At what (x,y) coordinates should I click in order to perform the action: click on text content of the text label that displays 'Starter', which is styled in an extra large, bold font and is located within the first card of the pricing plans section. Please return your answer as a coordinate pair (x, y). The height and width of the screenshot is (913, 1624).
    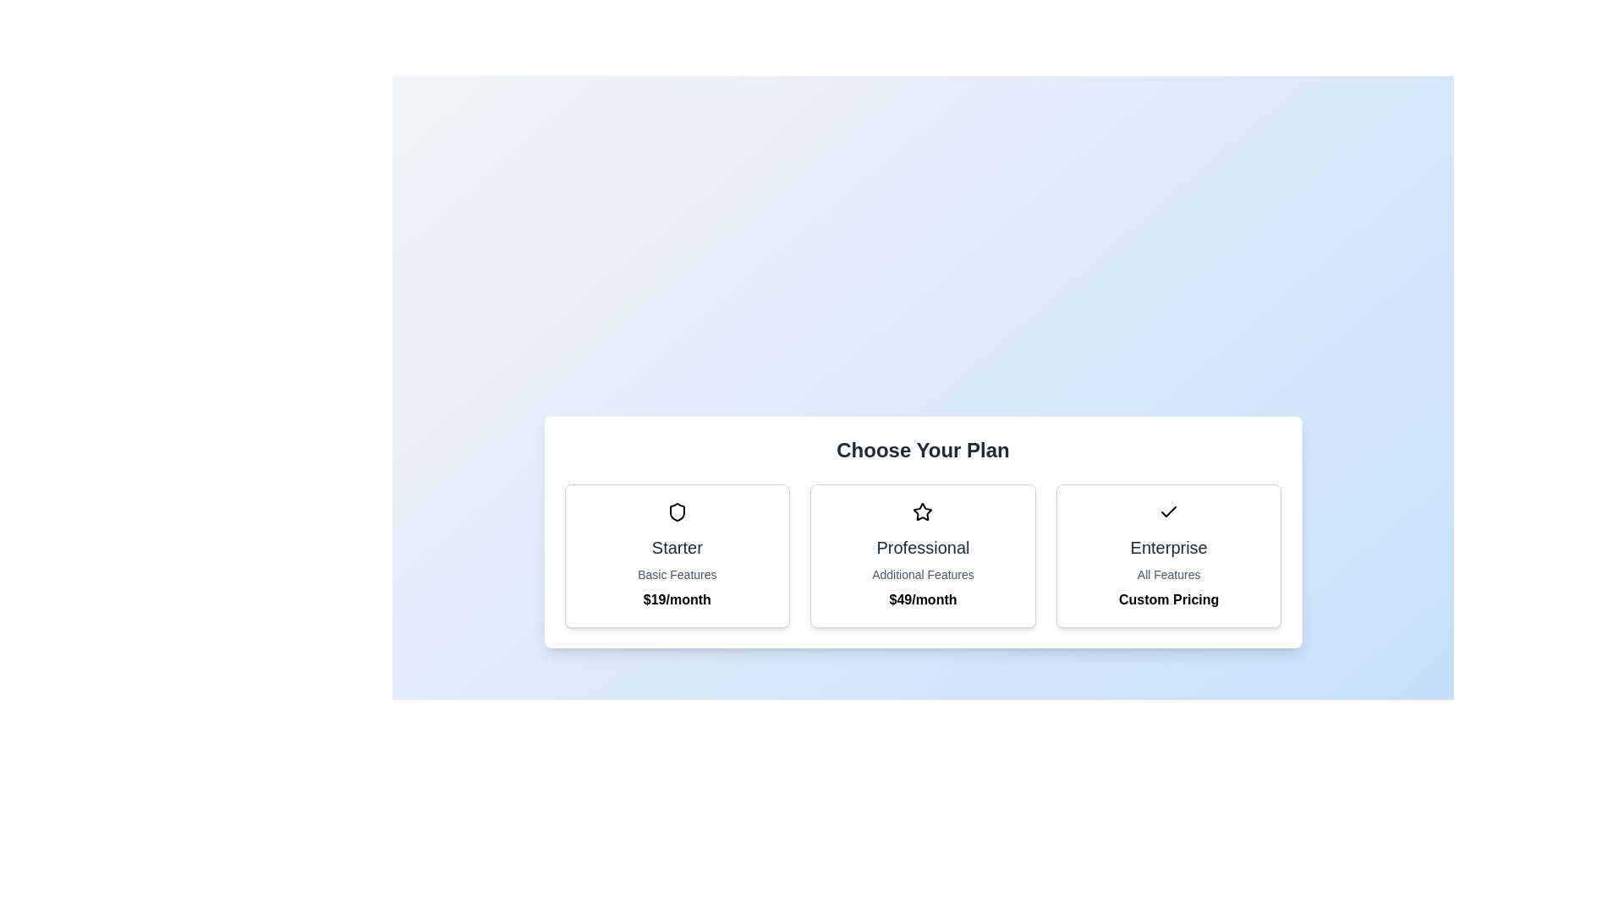
    Looking at the image, I should click on (677, 548).